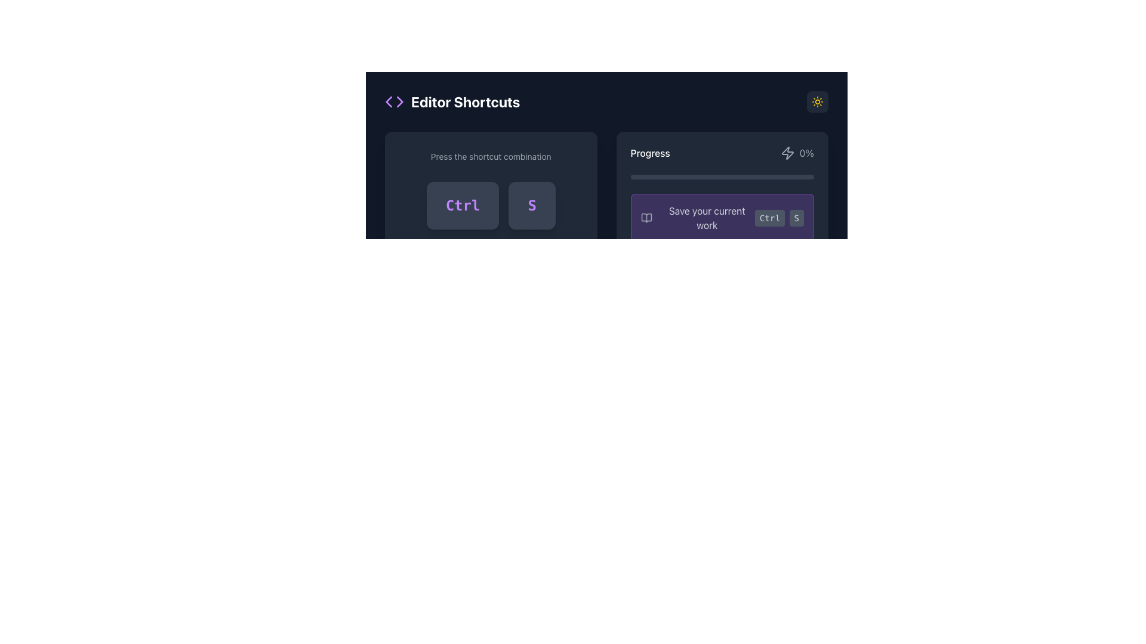 This screenshot has width=1146, height=644. I want to click on the 'Ctrl+S' keyboard shortcut visual element within the purple box labeled 'Save your current work' located on the right-hand side of the interface, so click(779, 218).